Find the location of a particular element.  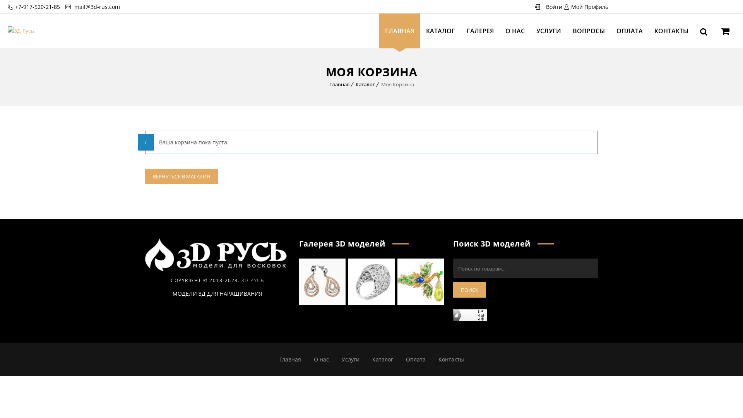

'View Shopping Cart' is located at coordinates (724, 32).